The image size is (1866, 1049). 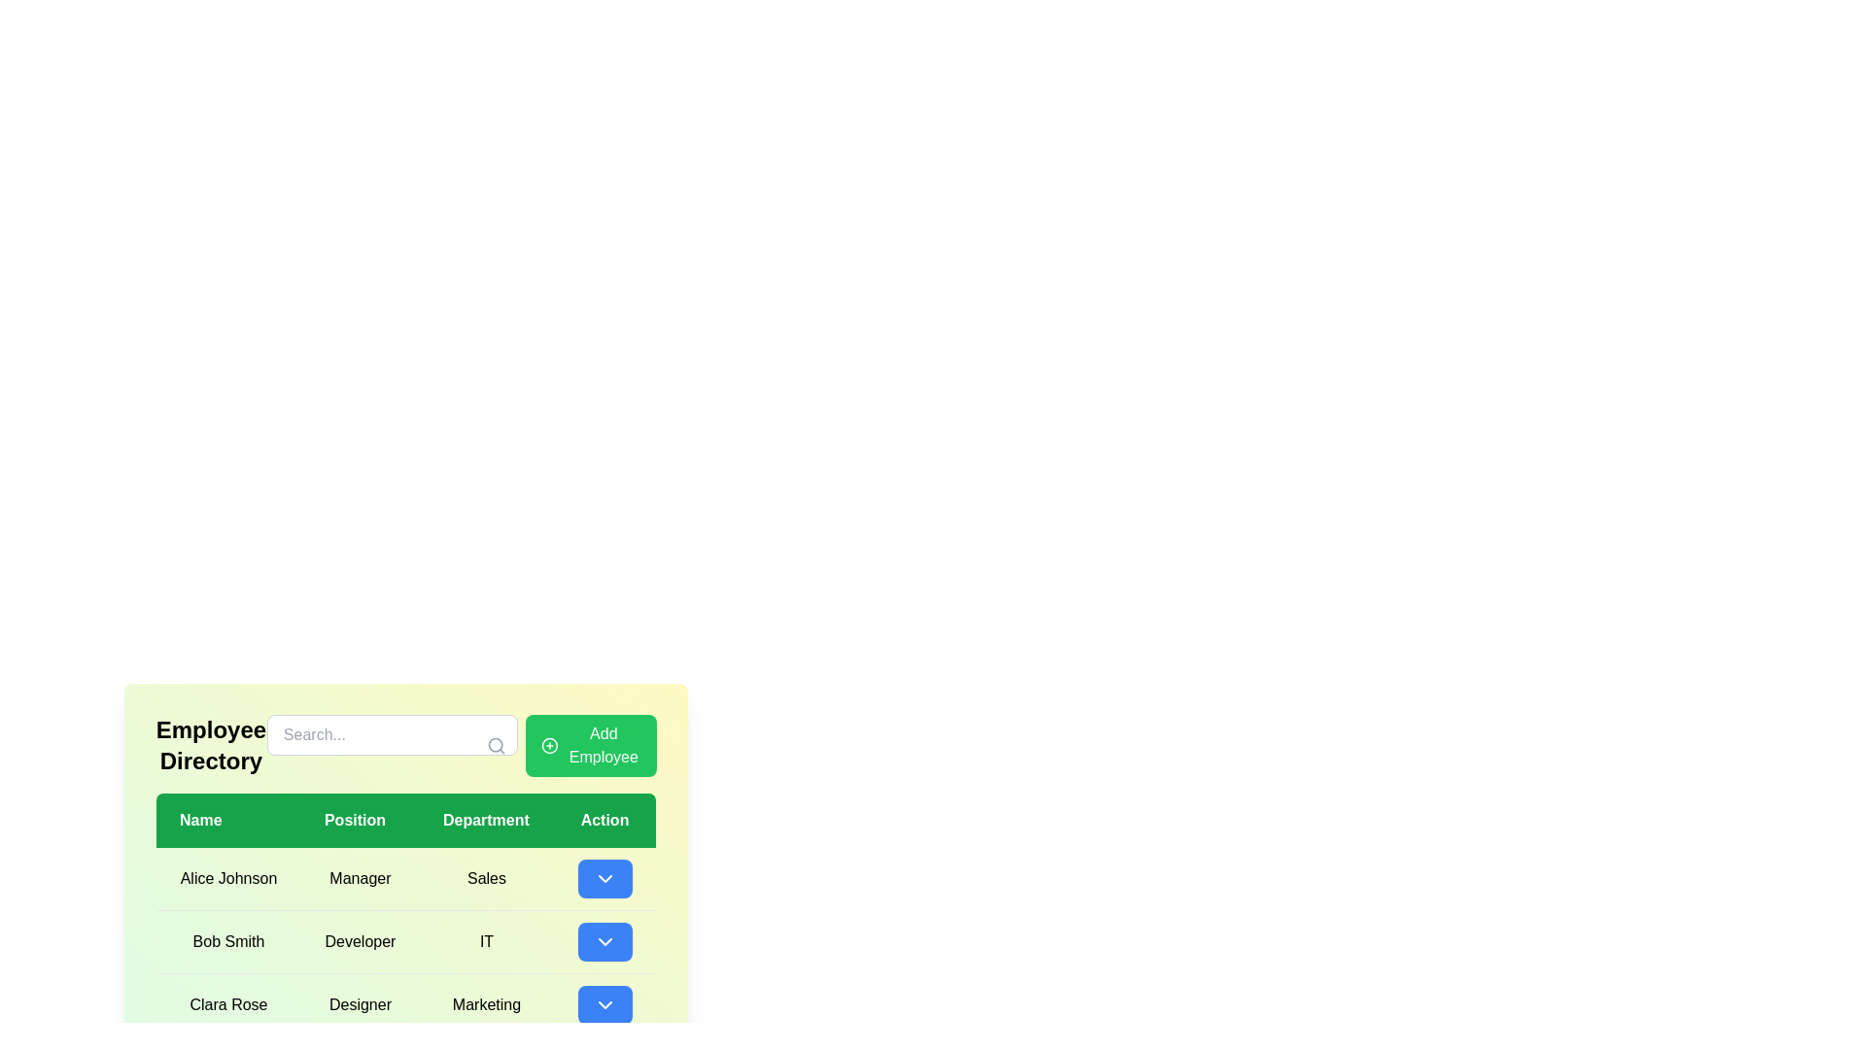 What do you see at coordinates (404, 914) in the screenshot?
I see `the table cell displaying the job position of the employee in the second row under the 'Position' column, adjacent to 'Bob Smith' in the 'Name' column` at bounding box center [404, 914].